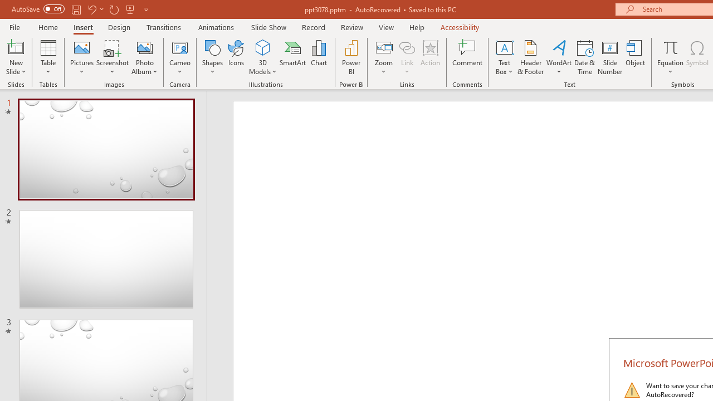 The height and width of the screenshot is (401, 713). Describe the element at coordinates (48, 57) in the screenshot. I see `'Table'` at that location.